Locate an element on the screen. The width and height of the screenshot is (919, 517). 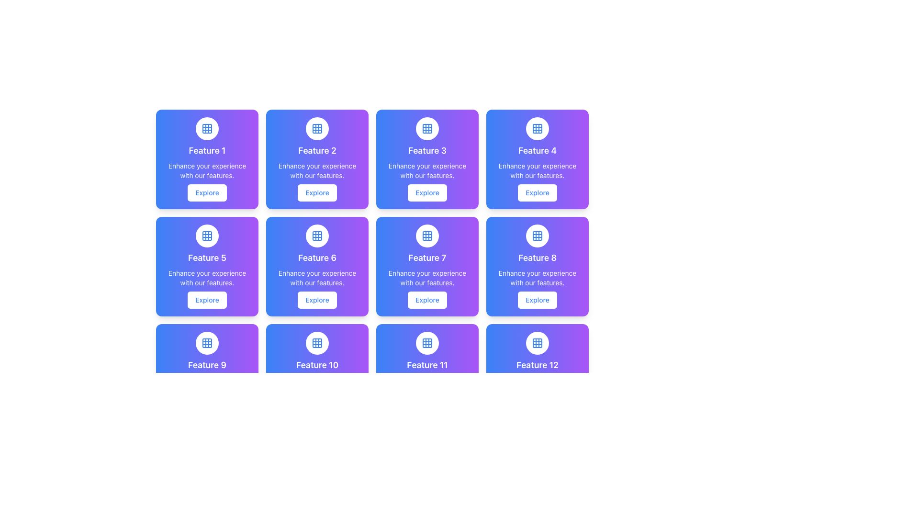
the text element displaying 'Feature 8', which is styled in bold and larger font within a gradient tile transitioning from blue to purple, located in the third row, second column of the grid is located at coordinates (538, 258).